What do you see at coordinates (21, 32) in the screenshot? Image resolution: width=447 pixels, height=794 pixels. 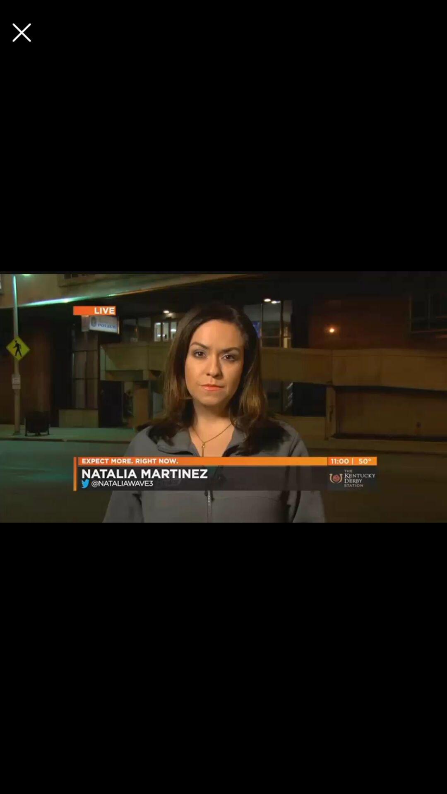 I see `the close icon` at bounding box center [21, 32].